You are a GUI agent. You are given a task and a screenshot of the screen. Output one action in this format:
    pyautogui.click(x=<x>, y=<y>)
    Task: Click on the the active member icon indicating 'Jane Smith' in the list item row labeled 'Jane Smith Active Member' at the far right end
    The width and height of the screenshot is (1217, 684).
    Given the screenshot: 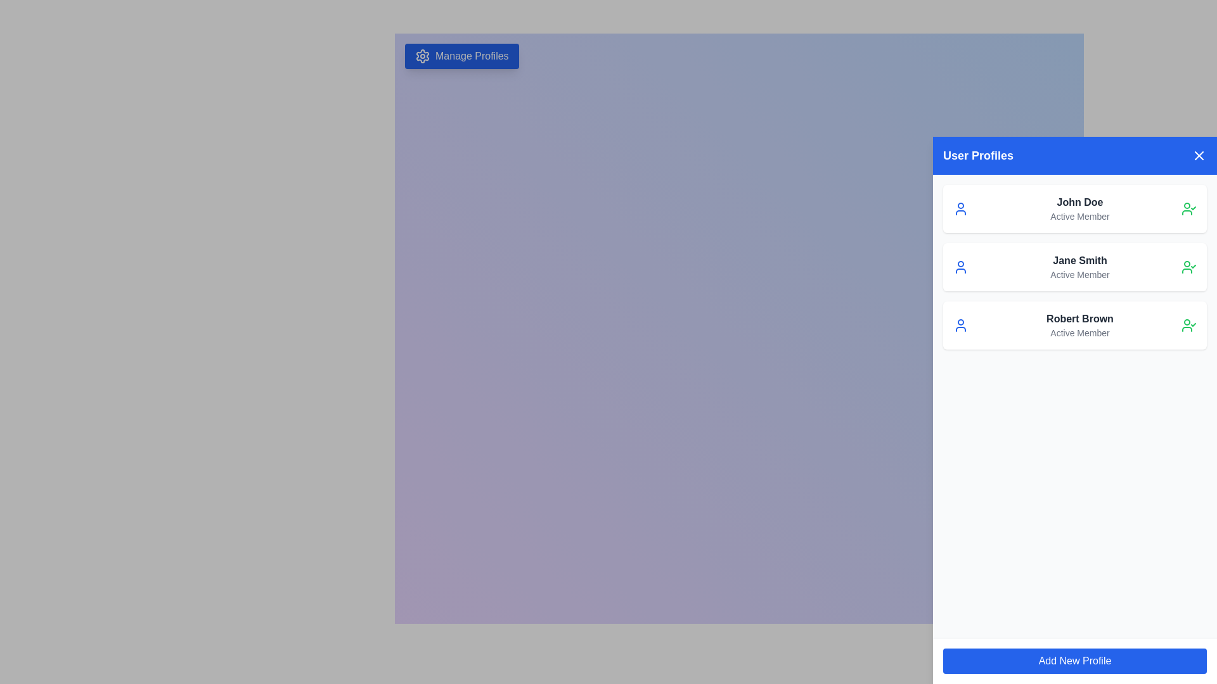 What is the action you would take?
    pyautogui.click(x=1188, y=266)
    